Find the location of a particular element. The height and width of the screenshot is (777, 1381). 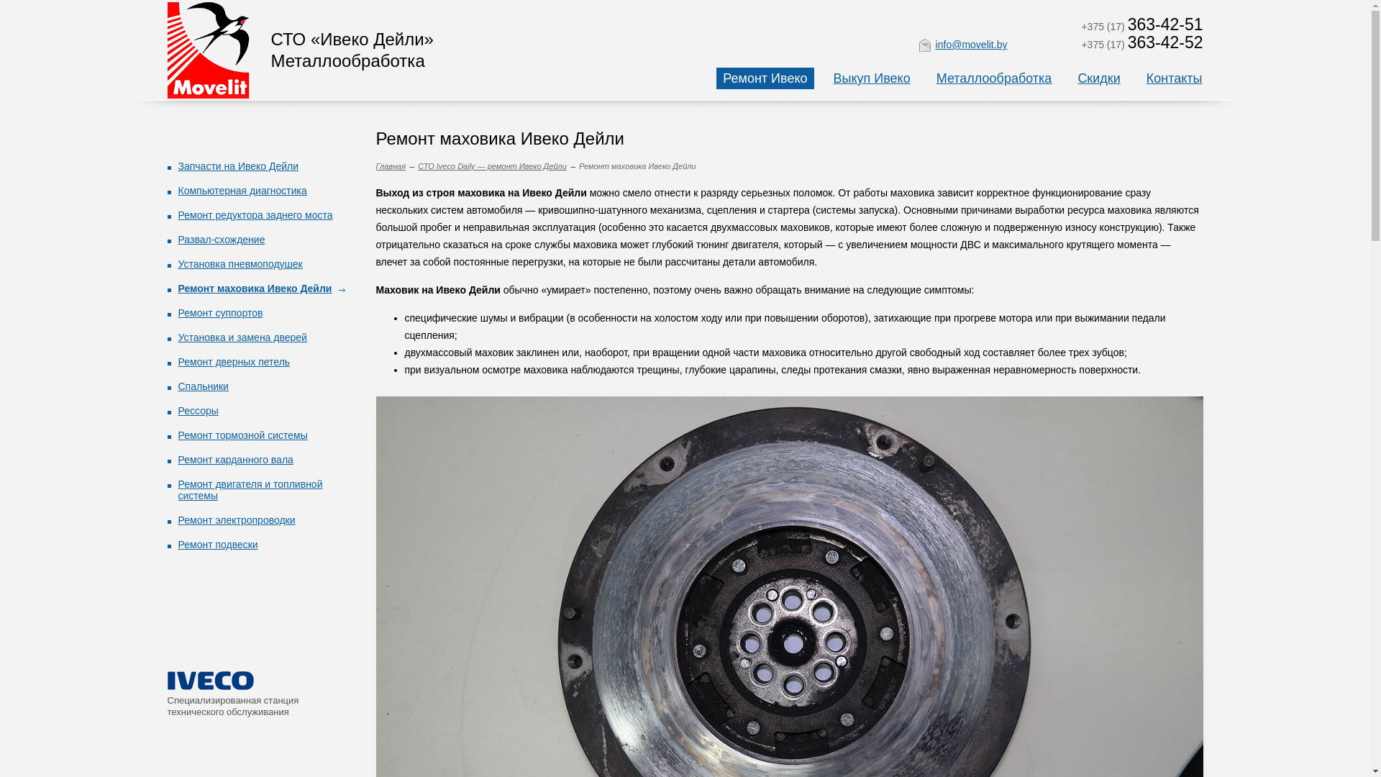

'+375 (17) 363-42-51' is located at coordinates (1141, 27).